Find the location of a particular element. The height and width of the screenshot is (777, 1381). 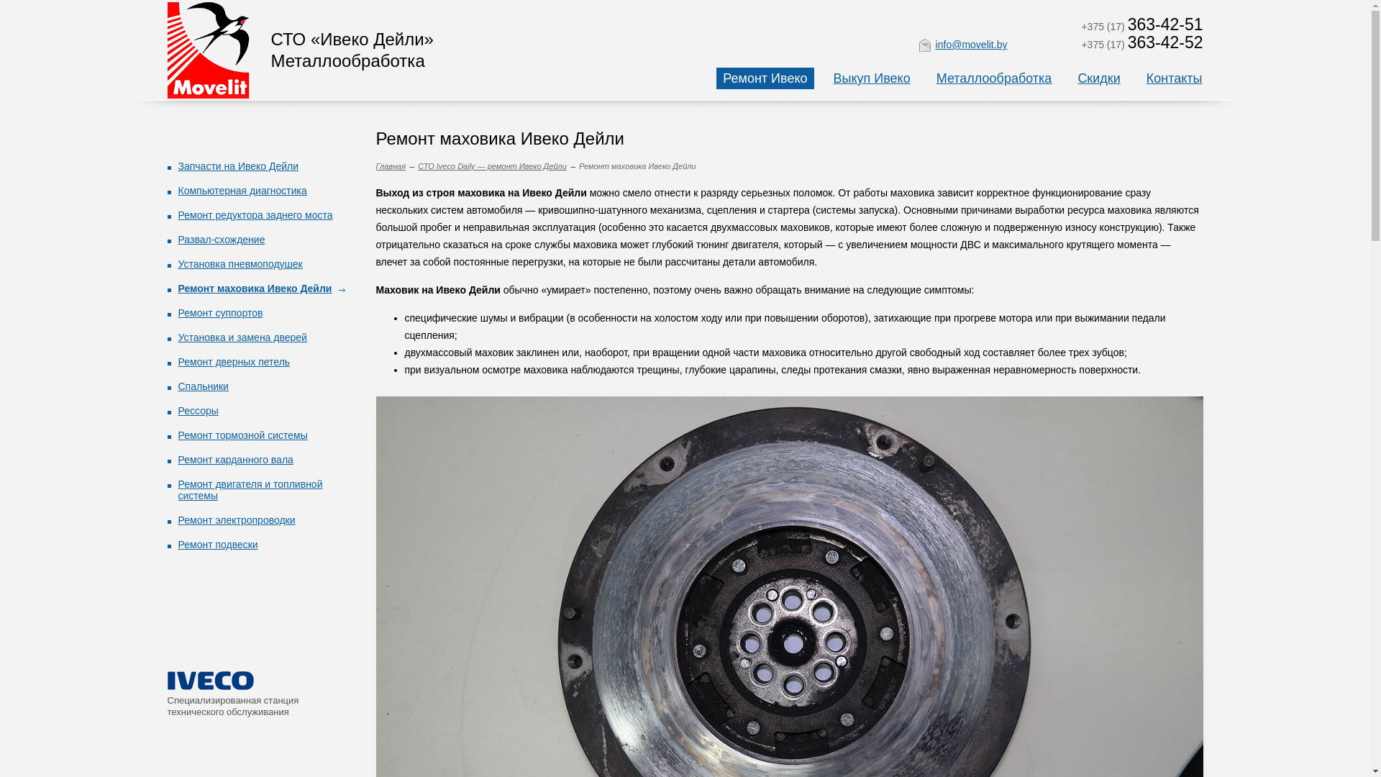

'+375 (17) 363-42-51' is located at coordinates (1141, 27).